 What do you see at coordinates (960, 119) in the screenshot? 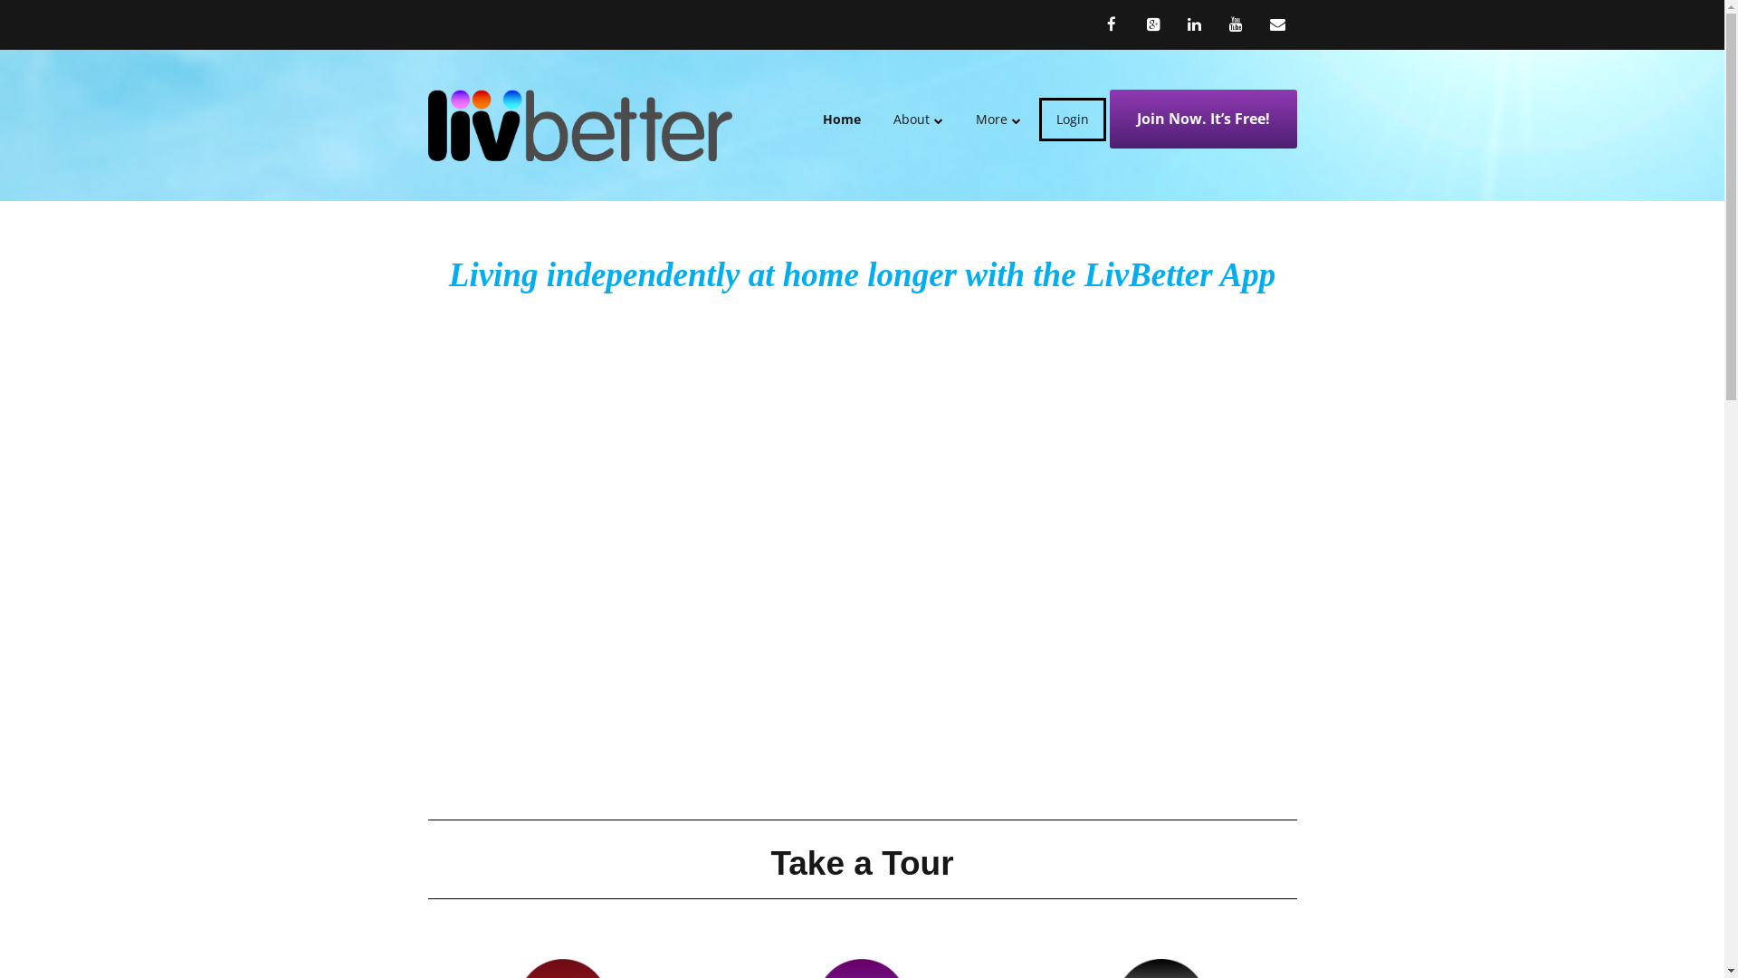
I see `'More'` at bounding box center [960, 119].